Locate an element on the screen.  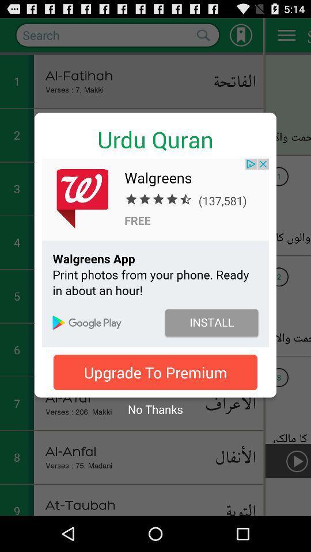
walgreens app advertisement is located at coordinates (155, 252).